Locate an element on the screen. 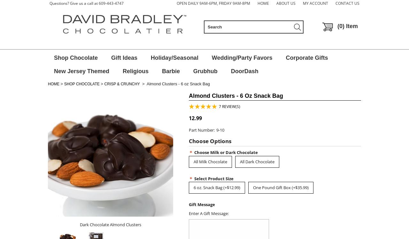 The image size is (409, 239). 'Open Daily 9am-6pm, Friday 9am-8pm' is located at coordinates (213, 3).